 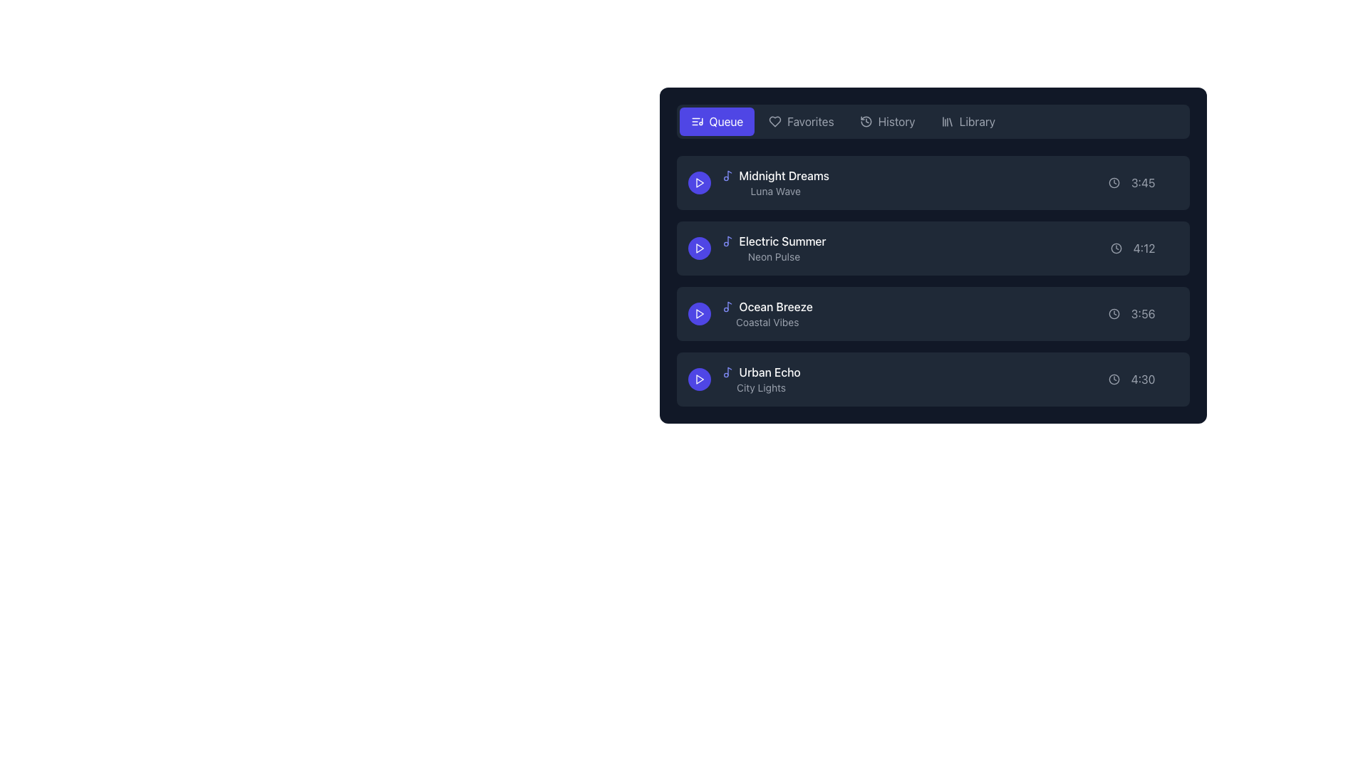 What do you see at coordinates (699, 313) in the screenshot?
I see `the hollow triangular play button icon located on a vibrant blue circular background to play the associated track in the music queue panel next to 'Ocean Breeze'` at bounding box center [699, 313].